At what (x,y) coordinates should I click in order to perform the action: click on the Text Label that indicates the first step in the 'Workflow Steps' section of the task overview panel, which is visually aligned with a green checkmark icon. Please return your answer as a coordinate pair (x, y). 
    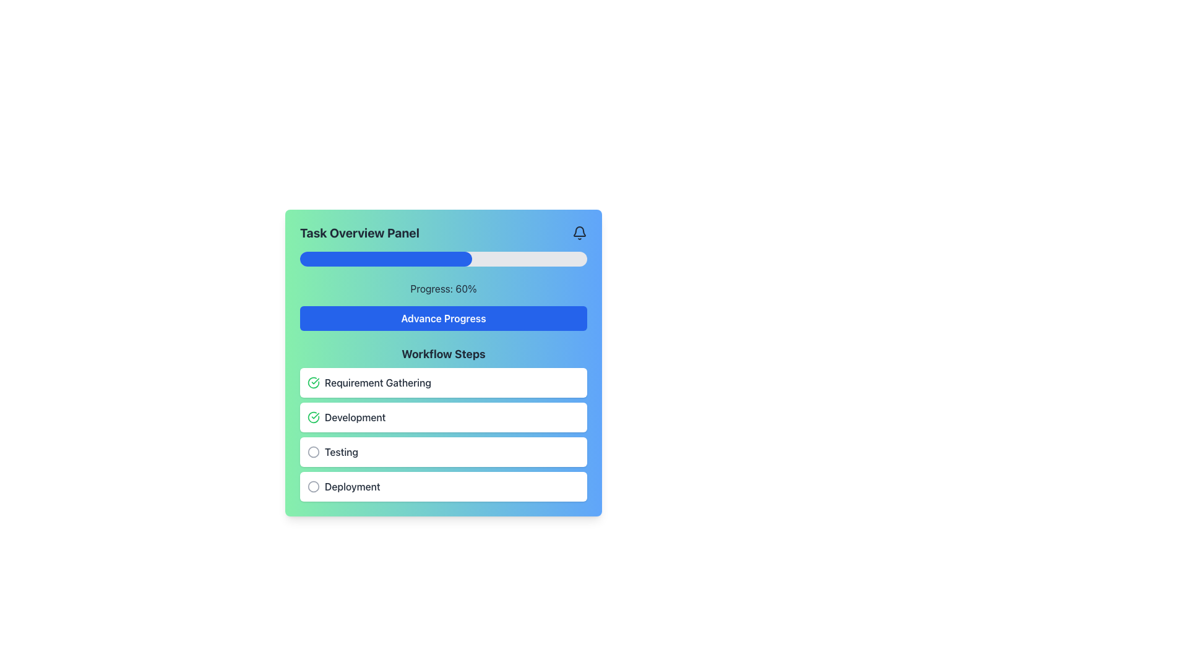
    Looking at the image, I should click on (377, 382).